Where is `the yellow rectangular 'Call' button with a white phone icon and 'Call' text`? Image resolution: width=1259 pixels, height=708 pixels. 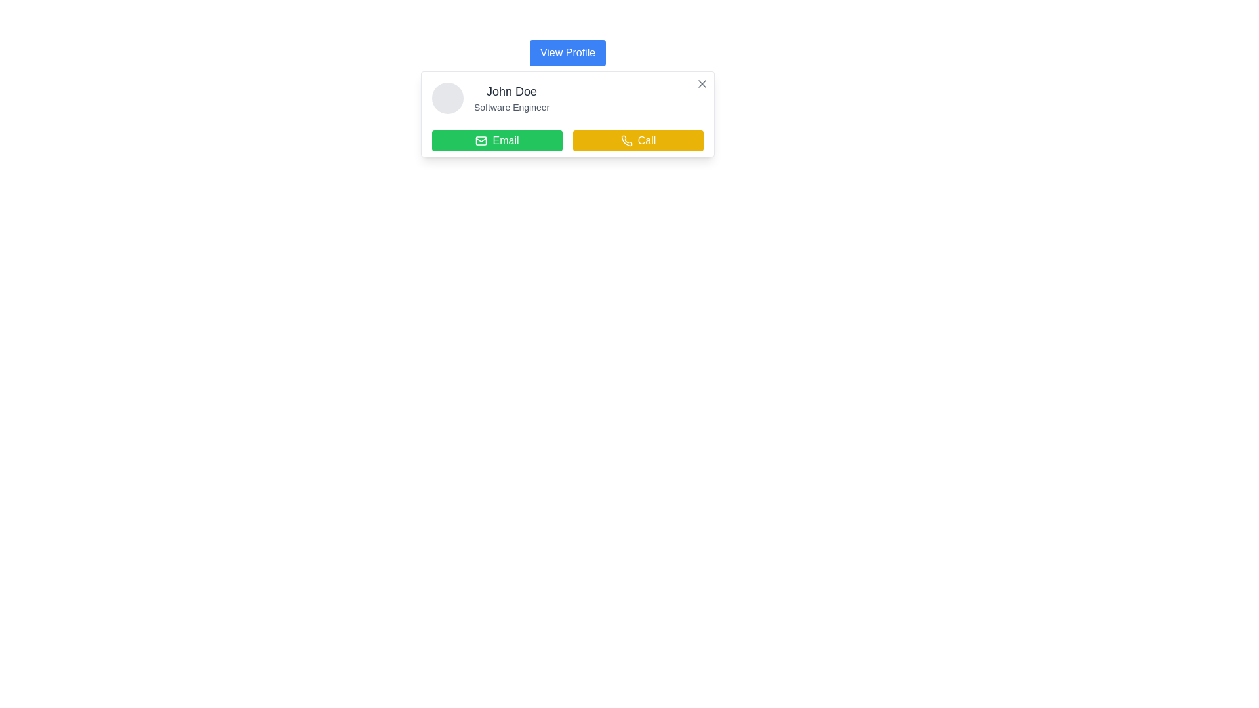
the yellow rectangular 'Call' button with a white phone icon and 'Call' text is located at coordinates (638, 141).